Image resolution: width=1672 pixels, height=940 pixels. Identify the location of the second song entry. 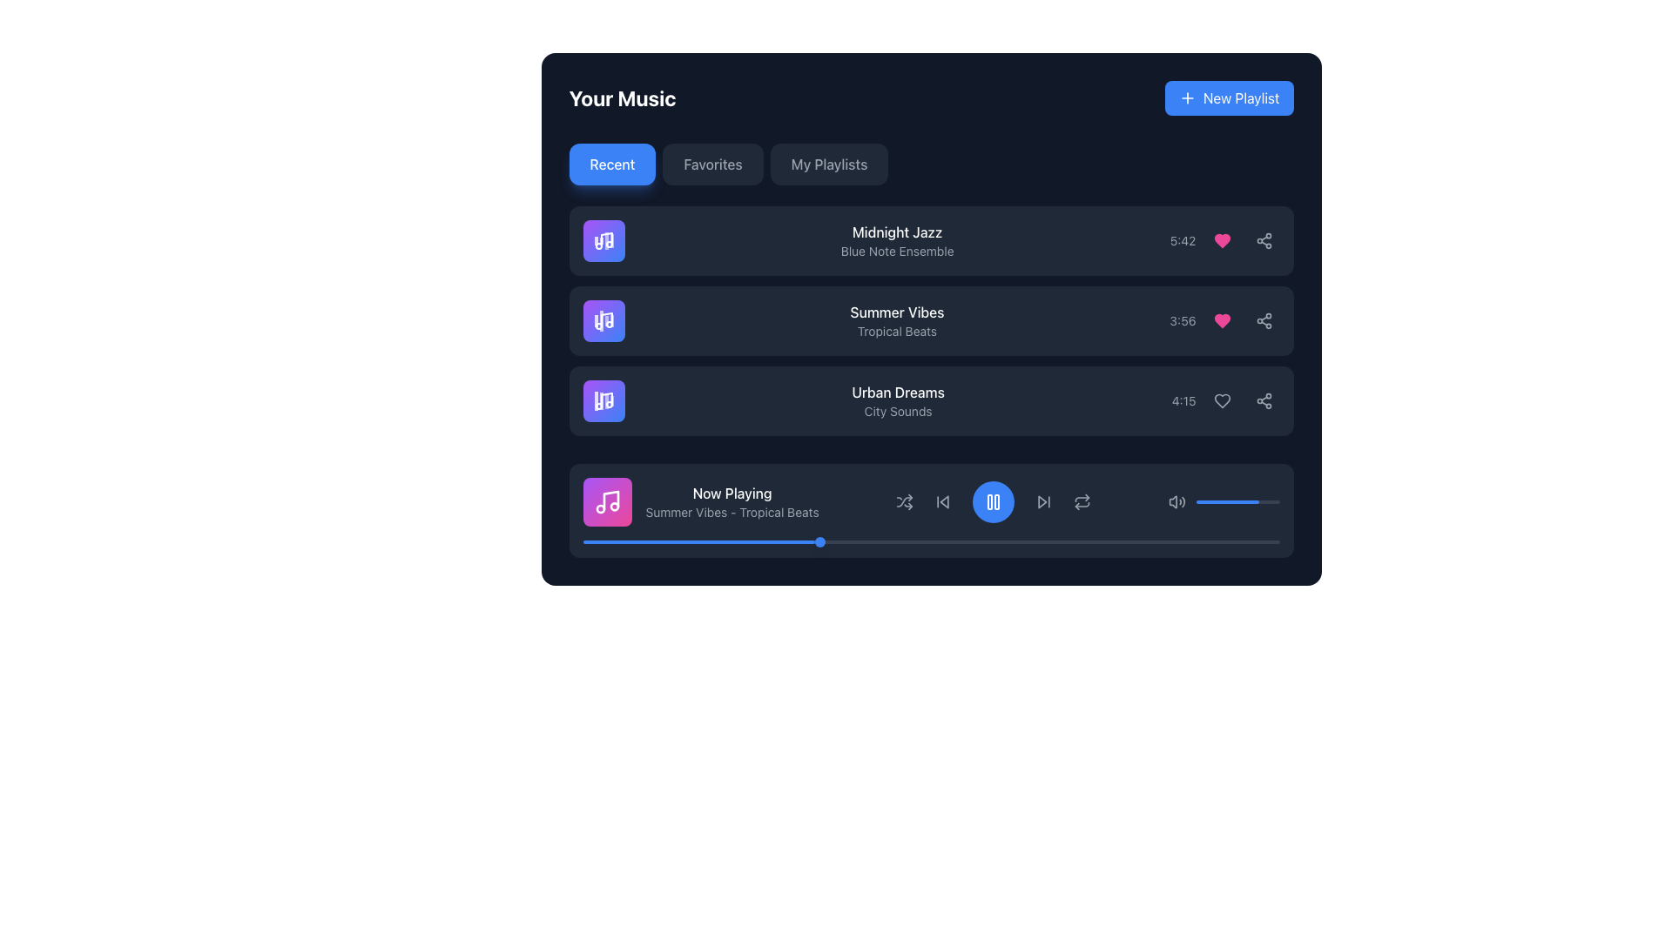
(930, 321).